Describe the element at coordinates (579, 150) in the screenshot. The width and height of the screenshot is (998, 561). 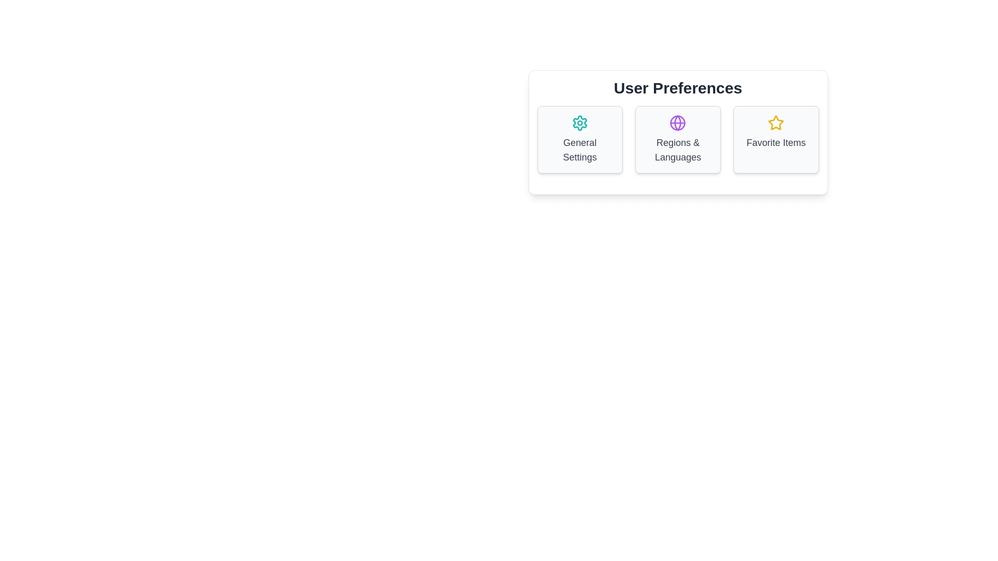
I see `the 'General Settings' label to highlight it` at that location.